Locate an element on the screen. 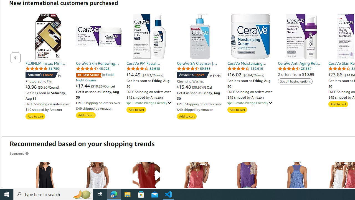  '($0.97/Fl Oz)' is located at coordinates (202, 87).